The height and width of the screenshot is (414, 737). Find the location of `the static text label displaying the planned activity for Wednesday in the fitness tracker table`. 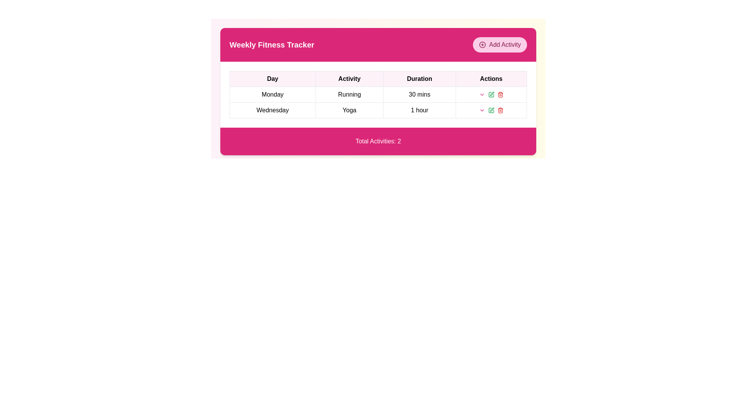

the static text label displaying the planned activity for Wednesday in the fitness tracker table is located at coordinates (349, 110).